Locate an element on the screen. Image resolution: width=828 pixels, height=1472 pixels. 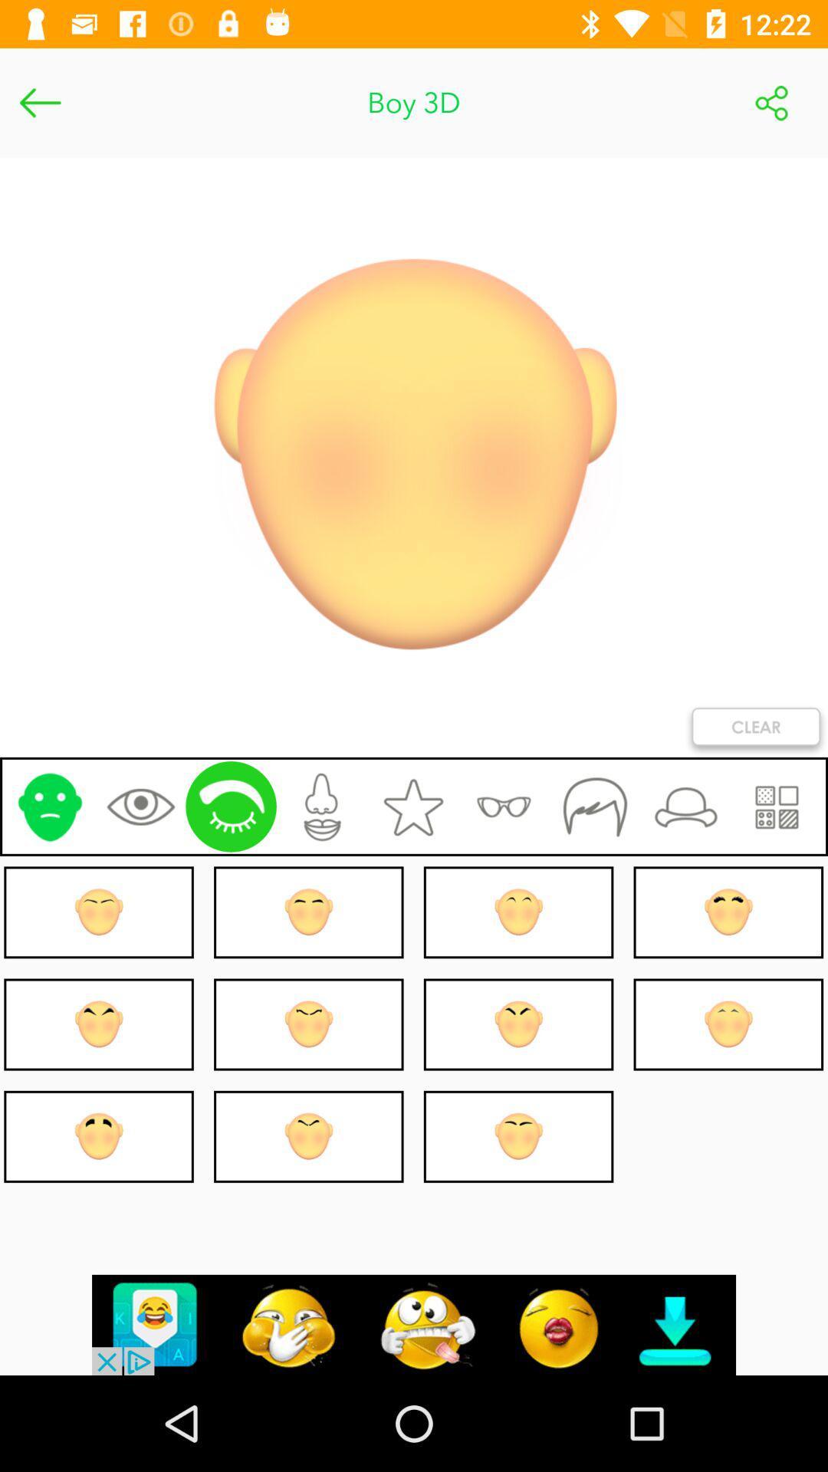
open advertisement is located at coordinates (414, 1324).